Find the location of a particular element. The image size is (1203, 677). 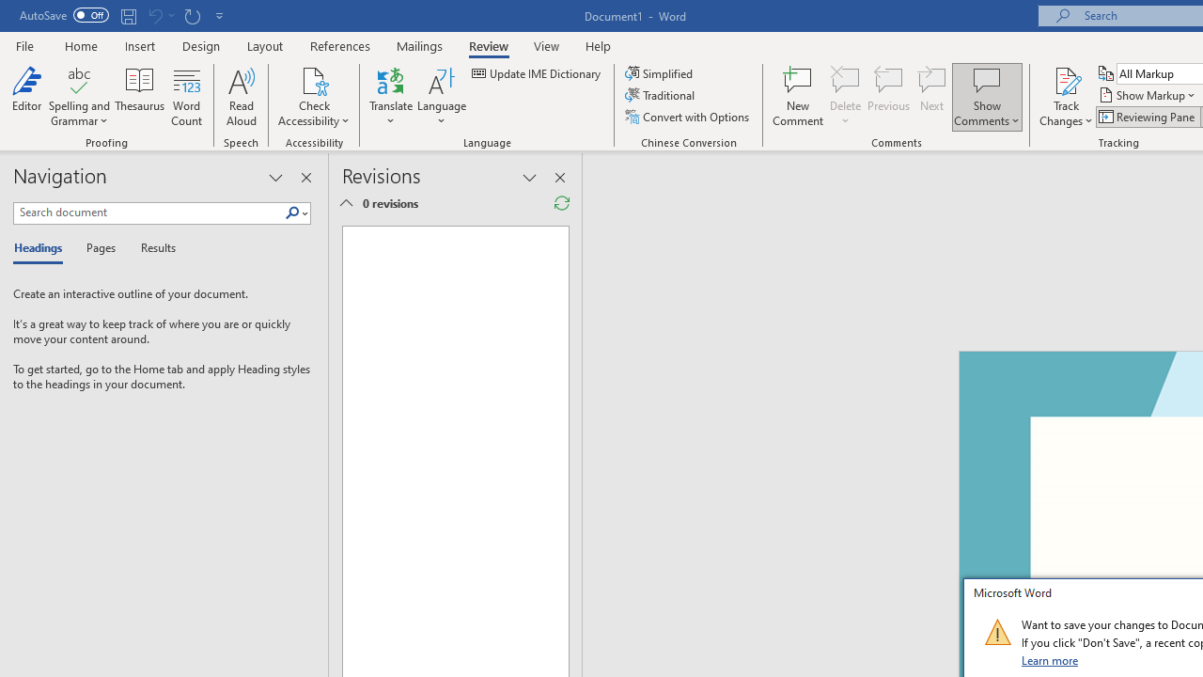

'Spelling and Grammar' is located at coordinates (79, 97).